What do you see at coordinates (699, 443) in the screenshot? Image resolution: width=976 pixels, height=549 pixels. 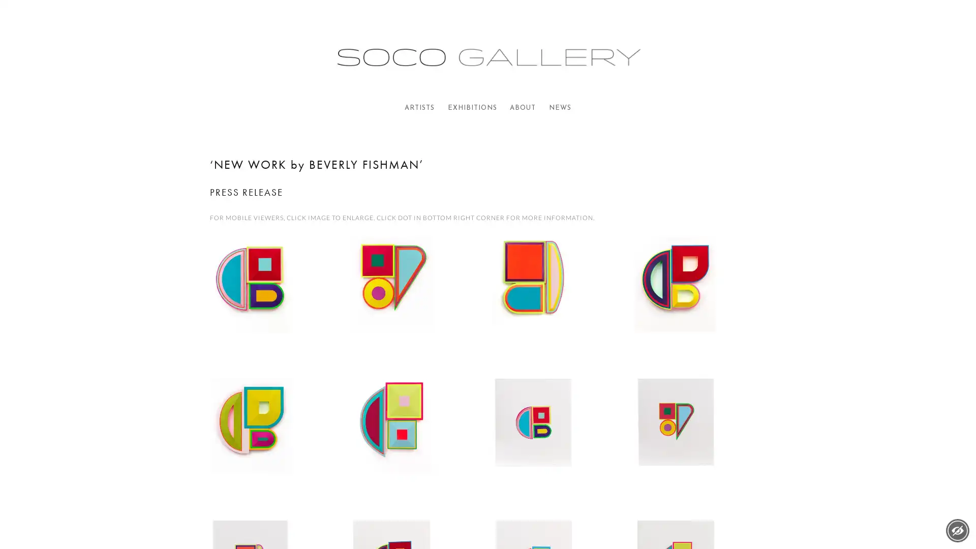 I see `View fullsize BEVERLY FISHMAN Untitled , 2021 vinyl and paper collage on smooth acid free Bristol paper 17 x 14 inches INQUIRE +` at bounding box center [699, 443].